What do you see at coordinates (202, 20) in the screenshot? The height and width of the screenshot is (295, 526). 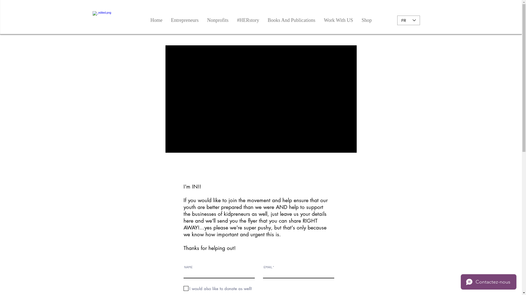 I see `'Nonprofits'` at bounding box center [202, 20].